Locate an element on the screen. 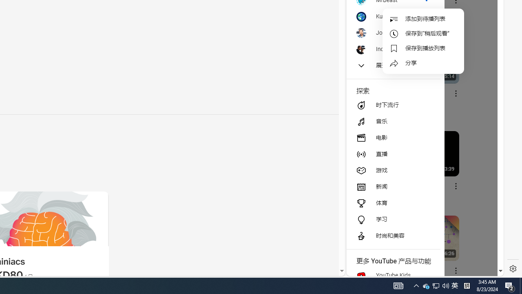 This screenshot has width=522, height=294. 'Click to scroll right' is located at coordinates (488, 33).